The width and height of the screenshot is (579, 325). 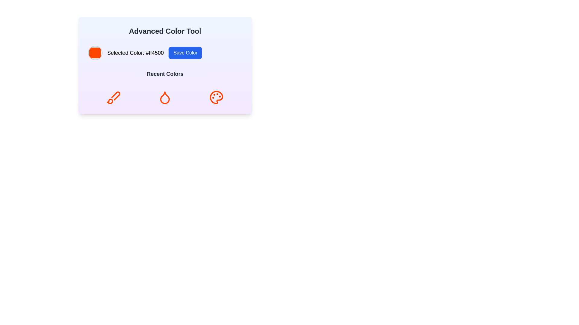 I want to click on the leftmost red paintbrush icon, which is styled in a simple and modern design, so click(x=113, y=97).